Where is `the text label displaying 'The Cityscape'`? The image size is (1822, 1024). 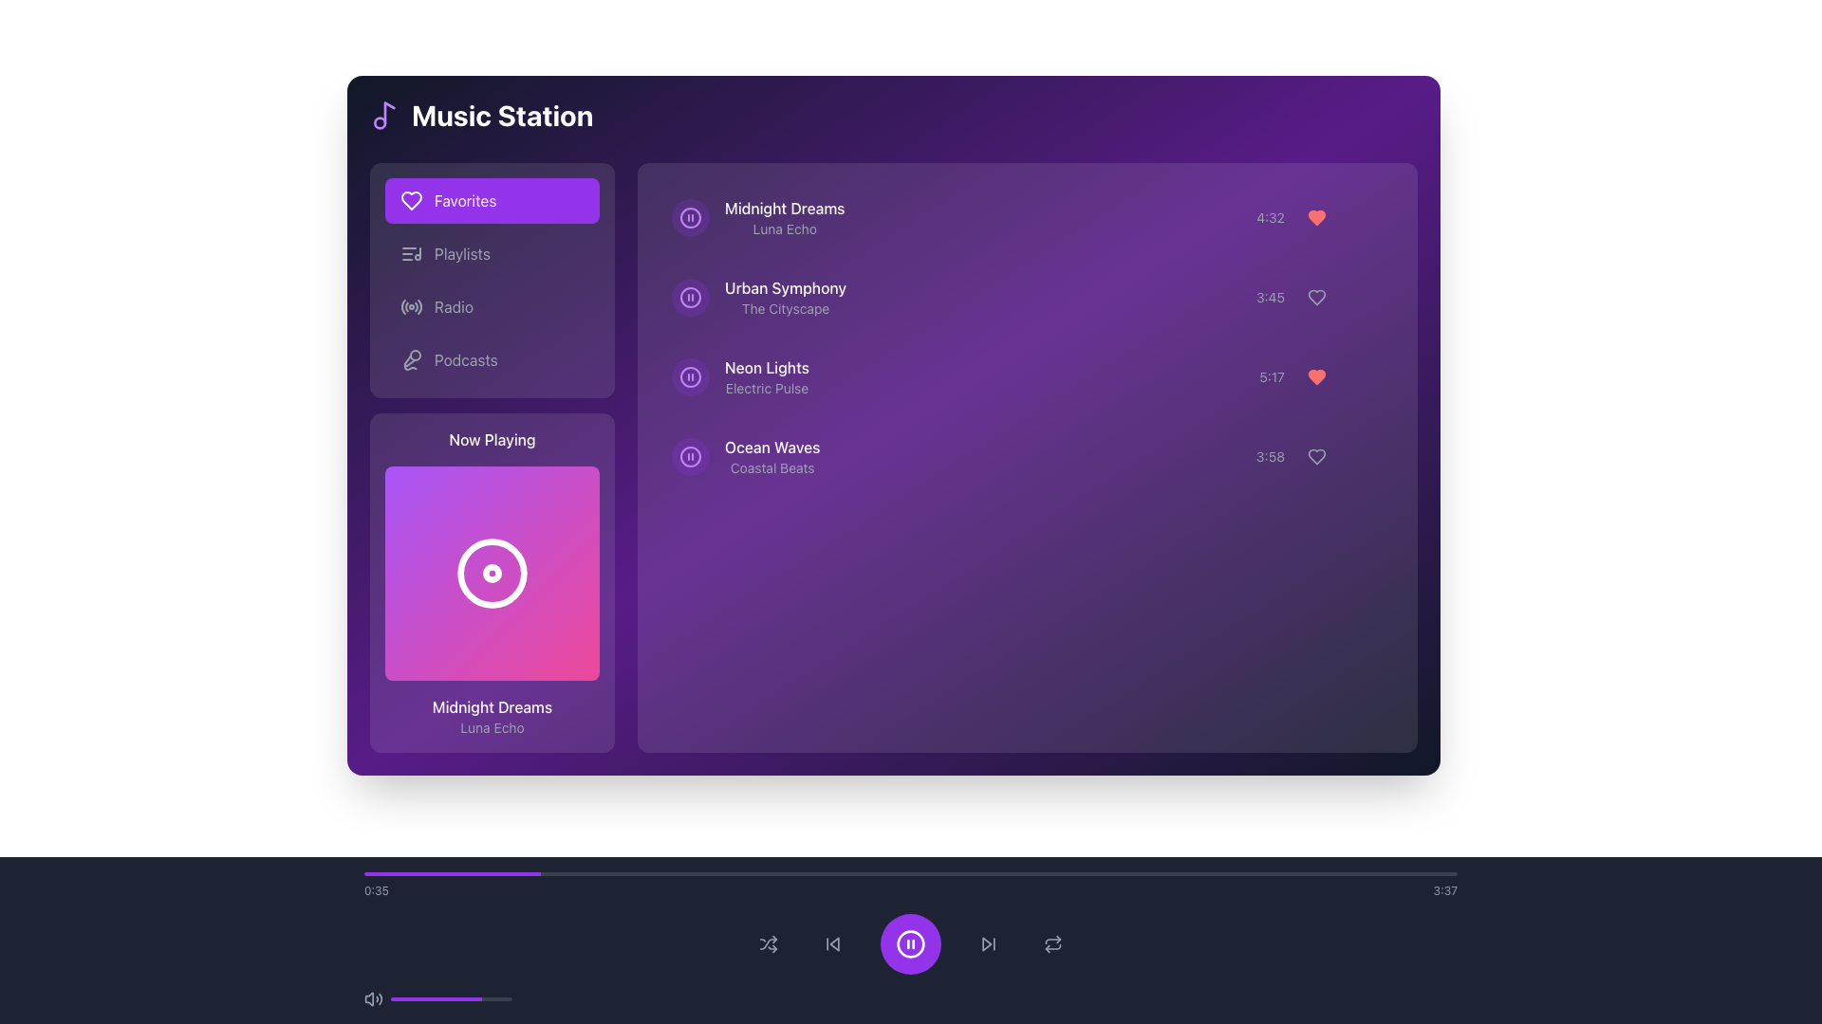
the text label displaying 'The Cityscape' is located at coordinates (786, 308).